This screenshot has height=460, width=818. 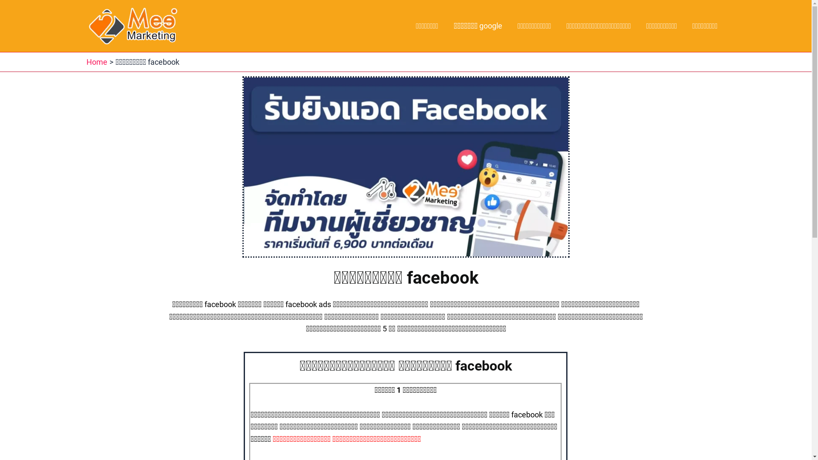 I want to click on 'Home', so click(x=86, y=61).